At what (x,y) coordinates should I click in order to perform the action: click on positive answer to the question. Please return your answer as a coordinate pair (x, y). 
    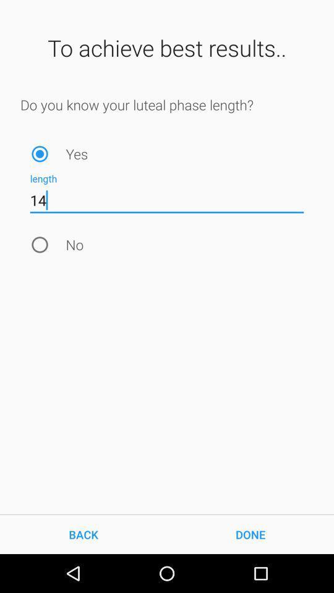
    Looking at the image, I should click on (40, 153).